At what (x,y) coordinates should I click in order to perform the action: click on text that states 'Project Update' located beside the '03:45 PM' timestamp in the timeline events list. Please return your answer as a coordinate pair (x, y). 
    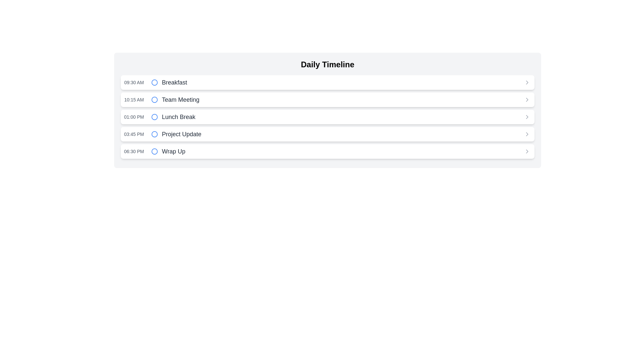
    Looking at the image, I should click on (181, 134).